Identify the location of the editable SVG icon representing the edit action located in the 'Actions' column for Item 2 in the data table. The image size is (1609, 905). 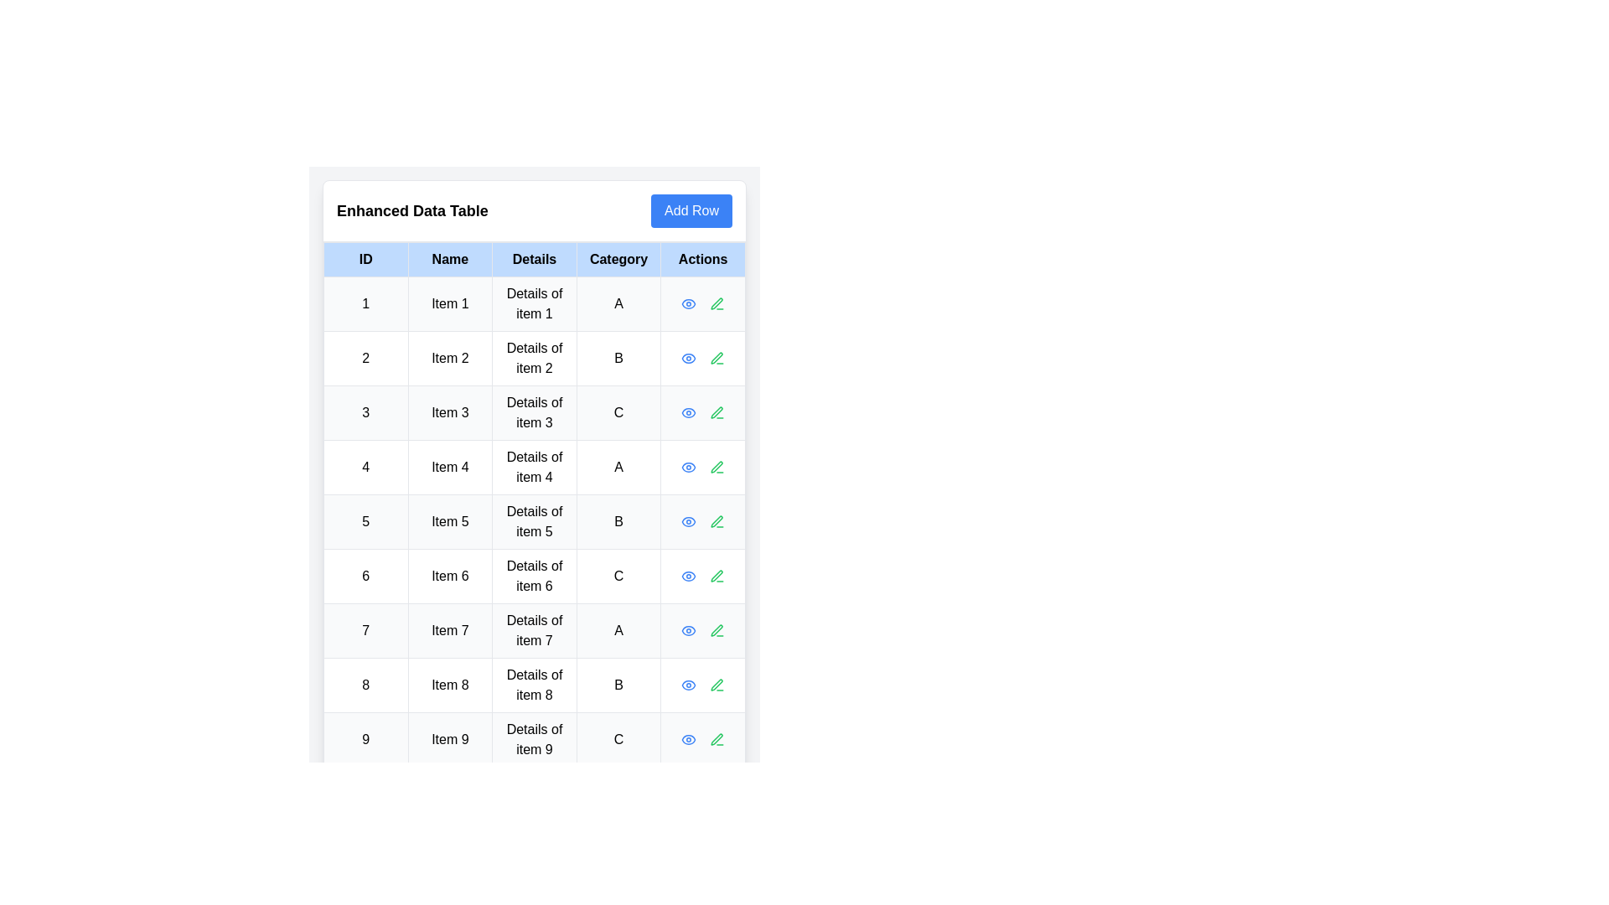
(717, 357).